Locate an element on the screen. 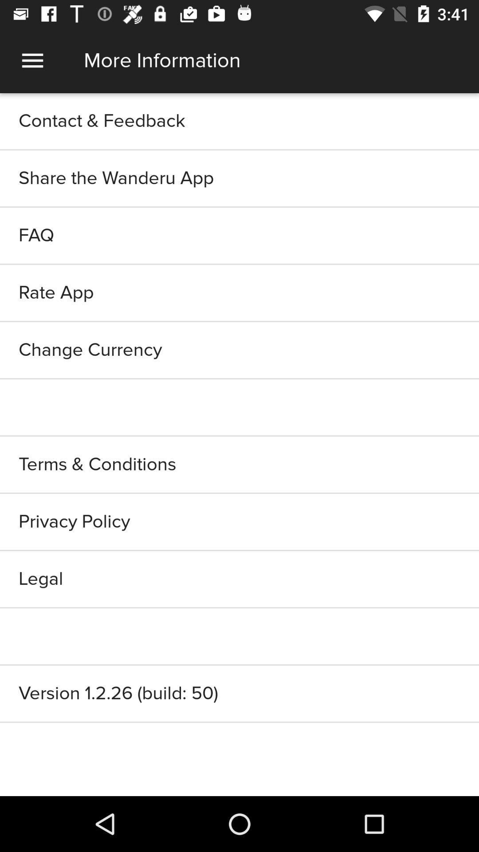 This screenshot has height=852, width=479. the faq is located at coordinates (239, 236).